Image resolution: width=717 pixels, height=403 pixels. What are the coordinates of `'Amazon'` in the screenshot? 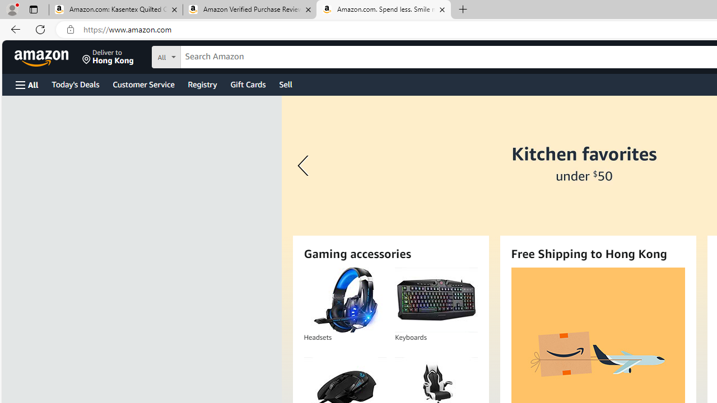 It's located at (43, 57).